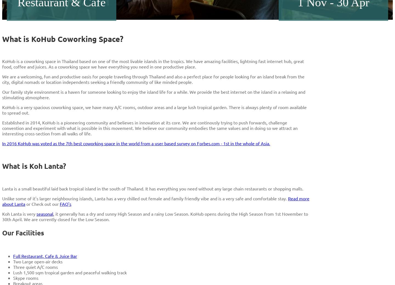 The height and width of the screenshot is (285, 395). Describe the element at coordinates (156, 201) in the screenshot. I see `'Read more about Lanta'` at that location.